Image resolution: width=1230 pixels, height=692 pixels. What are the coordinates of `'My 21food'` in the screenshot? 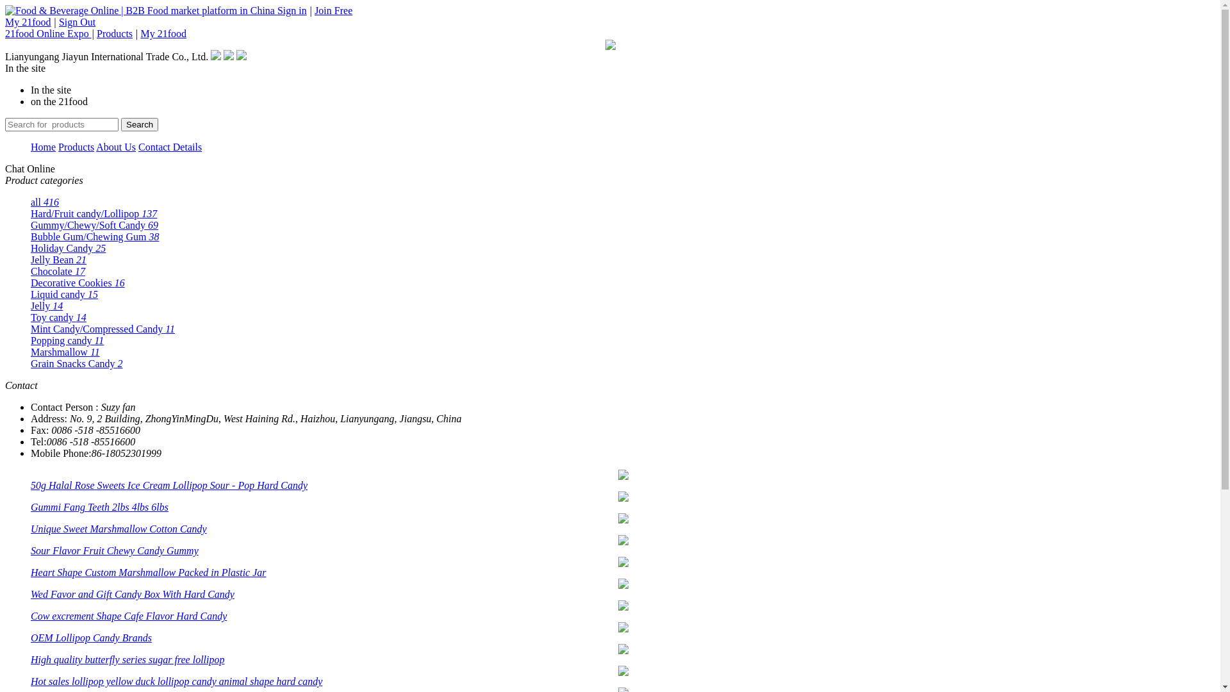 It's located at (5, 22).